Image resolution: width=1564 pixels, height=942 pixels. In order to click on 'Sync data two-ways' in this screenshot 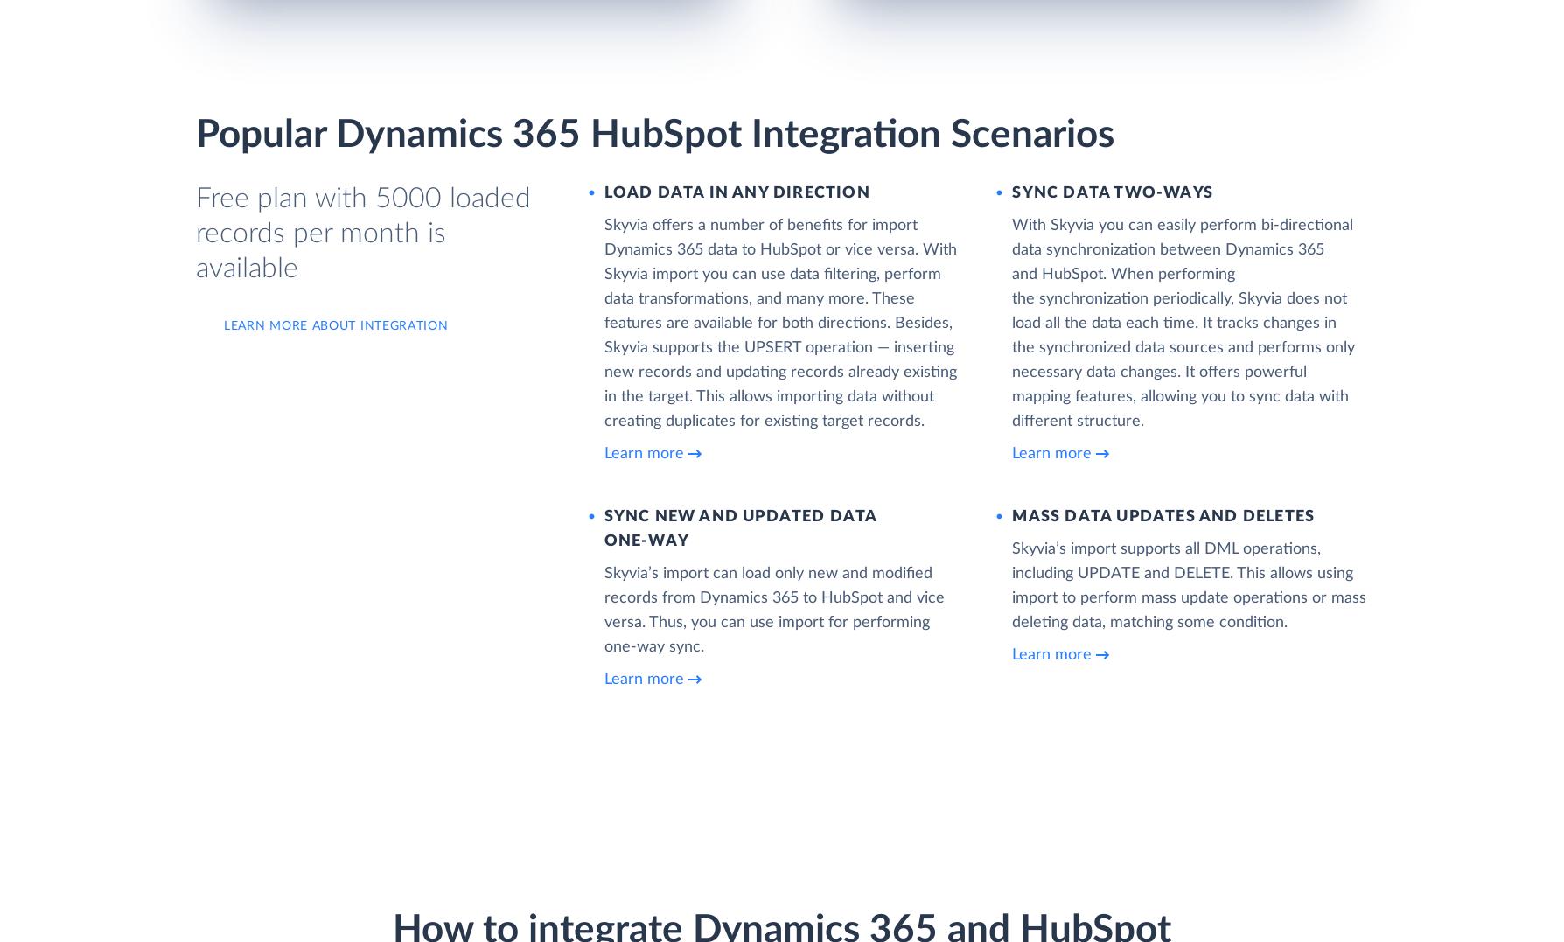, I will do `click(1011, 192)`.